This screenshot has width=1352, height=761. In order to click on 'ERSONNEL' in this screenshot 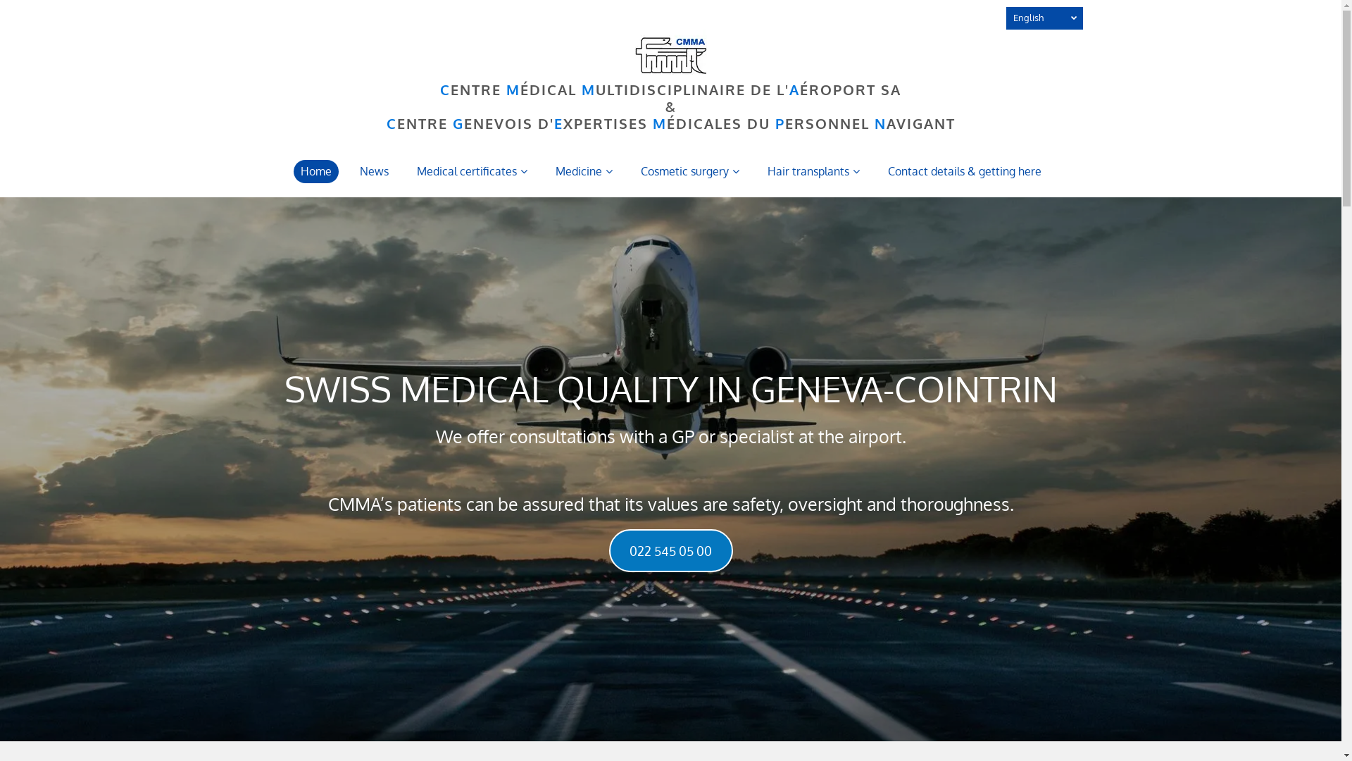, I will do `click(827, 122)`.